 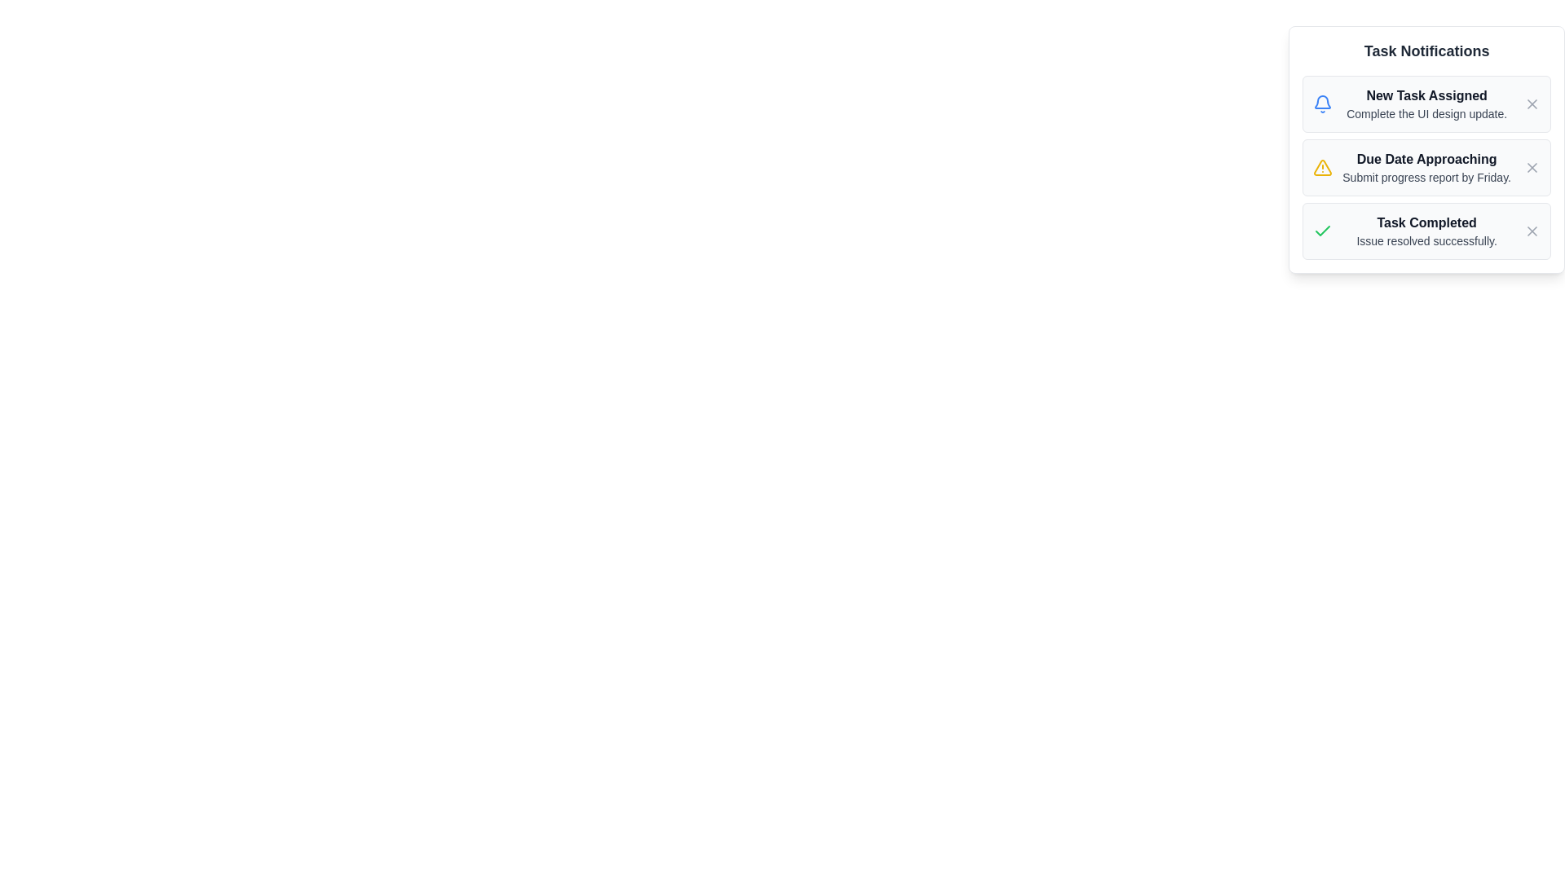 I want to click on status text indicating the completion of a task, which is located in the bottom-most notification panel of the 'Task Notifications' section, directly above the text 'Issue resolved successfully.', so click(x=1426, y=222).